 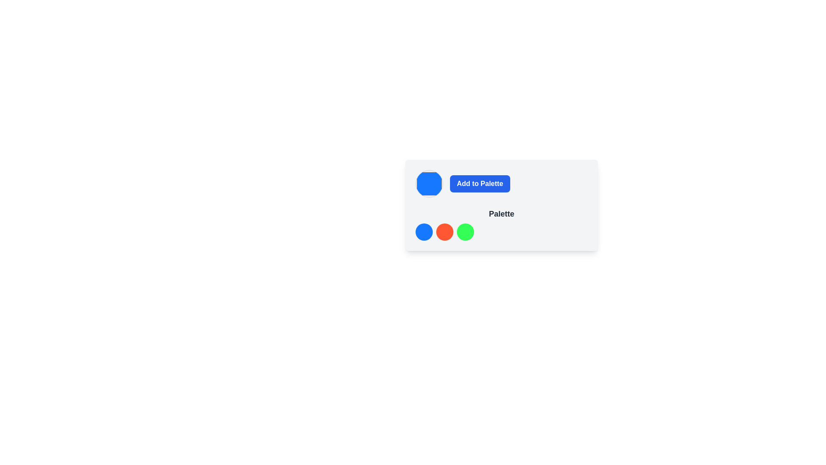 What do you see at coordinates (465, 232) in the screenshot?
I see `the third circular color indicator, which is solid green and part of a group of three similar elements, positioned below the 'Add to Palette' button` at bounding box center [465, 232].